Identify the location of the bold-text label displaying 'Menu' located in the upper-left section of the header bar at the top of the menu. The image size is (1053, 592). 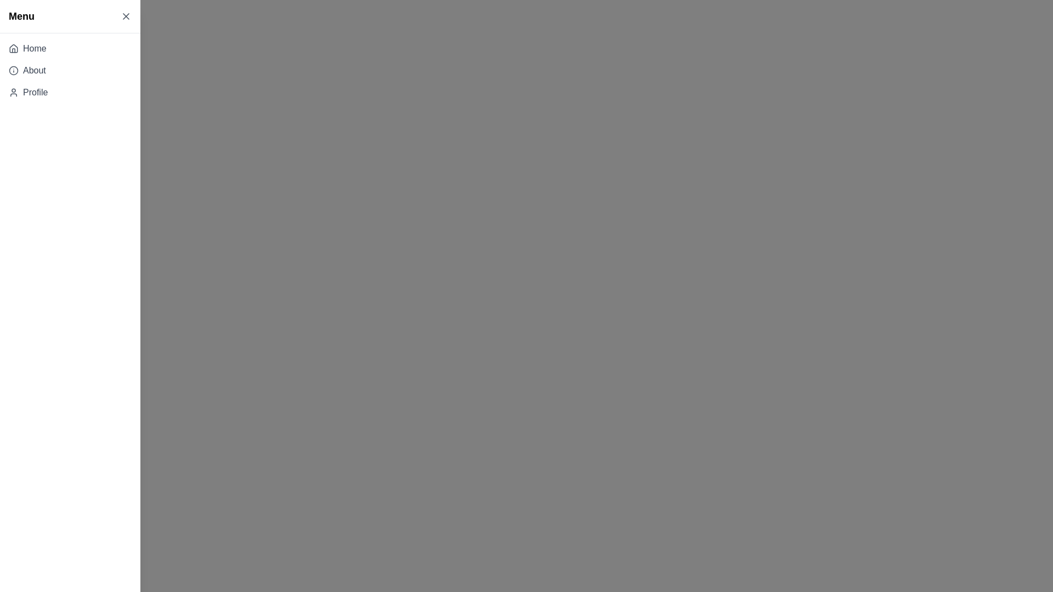
(21, 16).